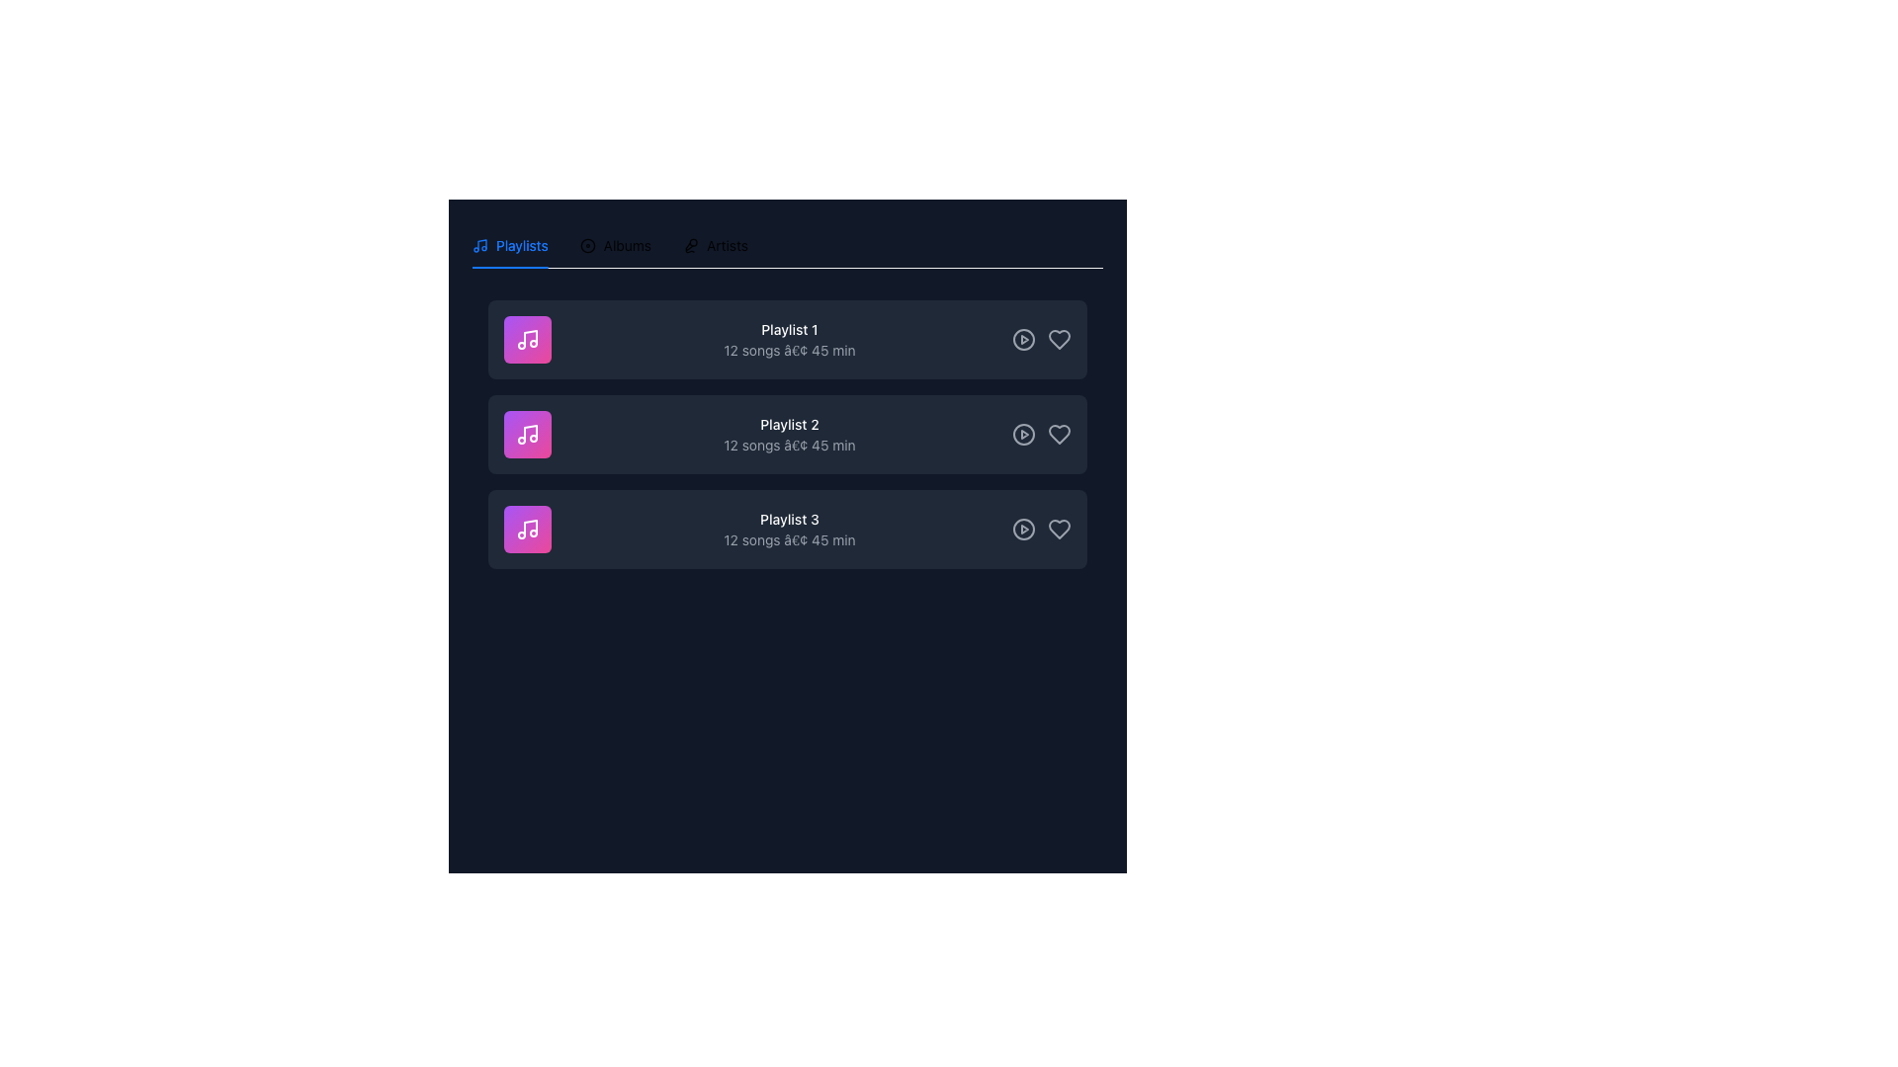  What do you see at coordinates (510, 267) in the screenshot?
I see `the Active Tab Indicator which highlights the currently active 'Playlists' tab located in the header section of the interface` at bounding box center [510, 267].